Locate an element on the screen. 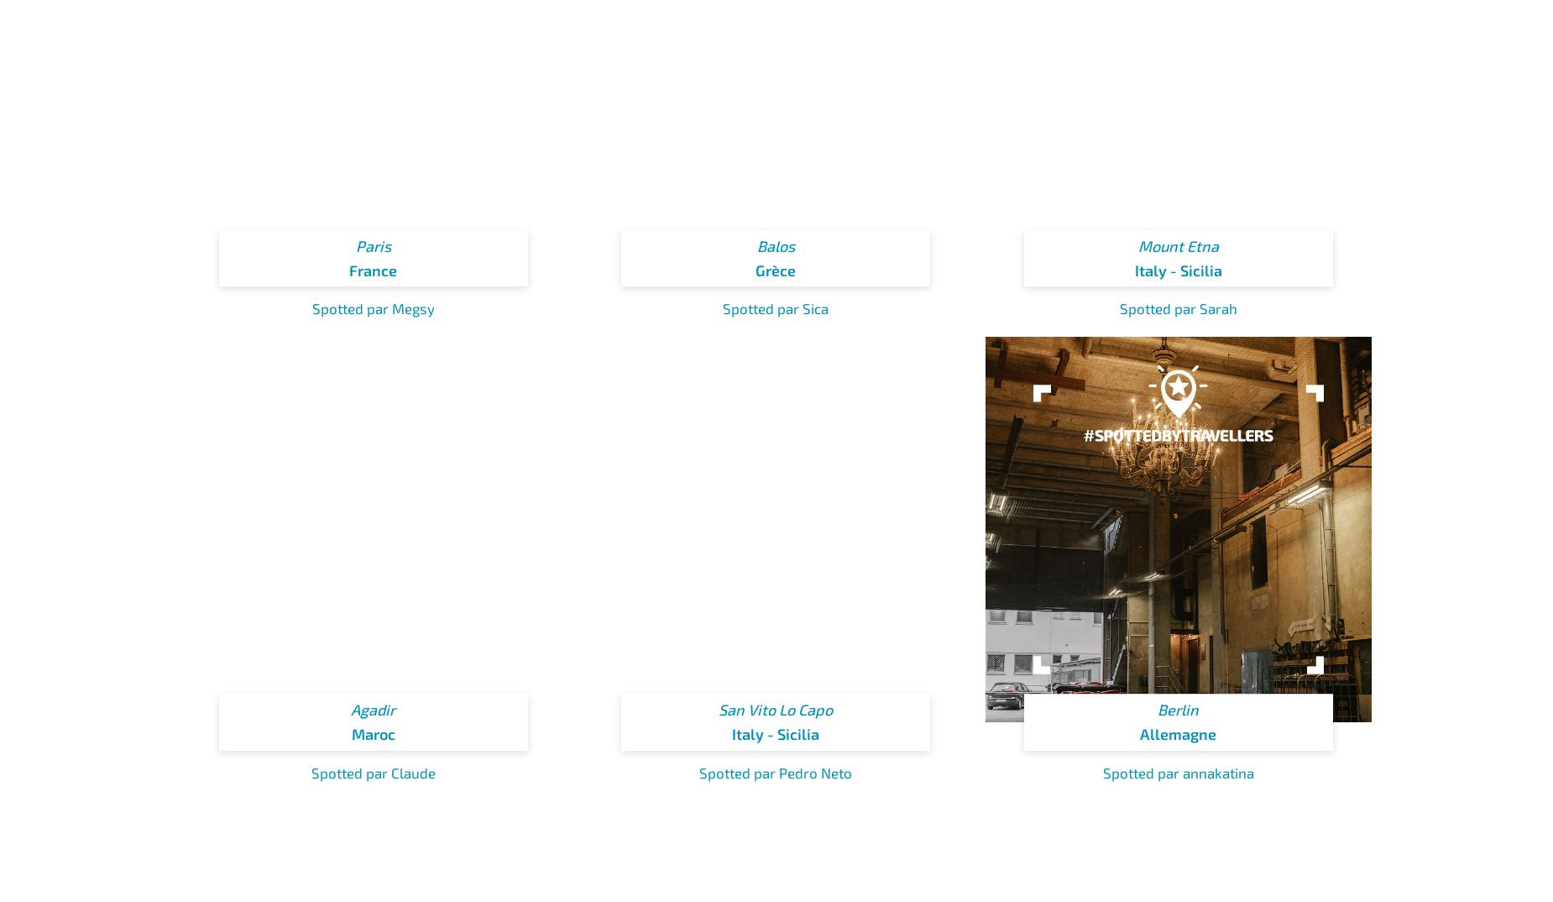  'Grèce' is located at coordinates (776, 270).